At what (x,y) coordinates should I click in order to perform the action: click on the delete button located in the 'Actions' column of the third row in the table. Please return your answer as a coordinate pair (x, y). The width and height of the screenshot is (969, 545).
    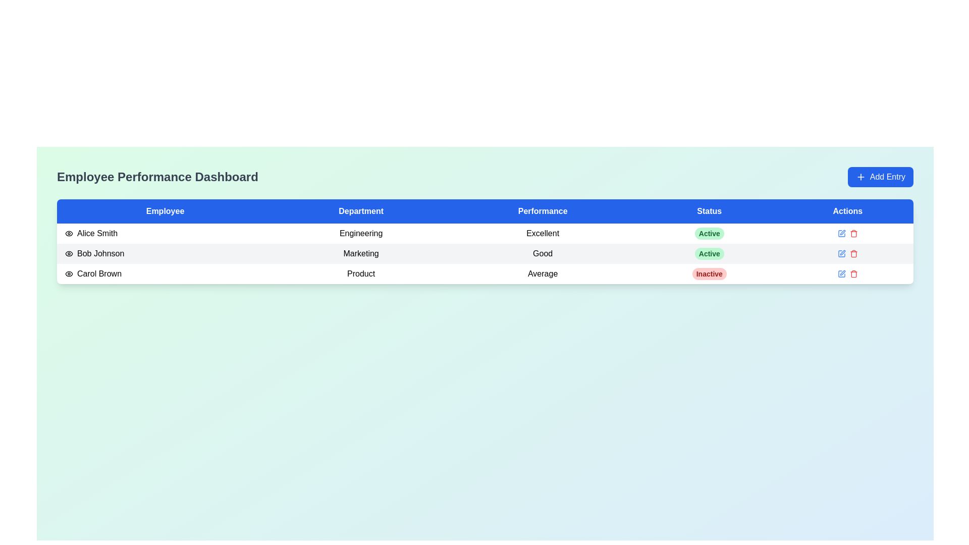
    Looking at the image, I should click on (853, 233).